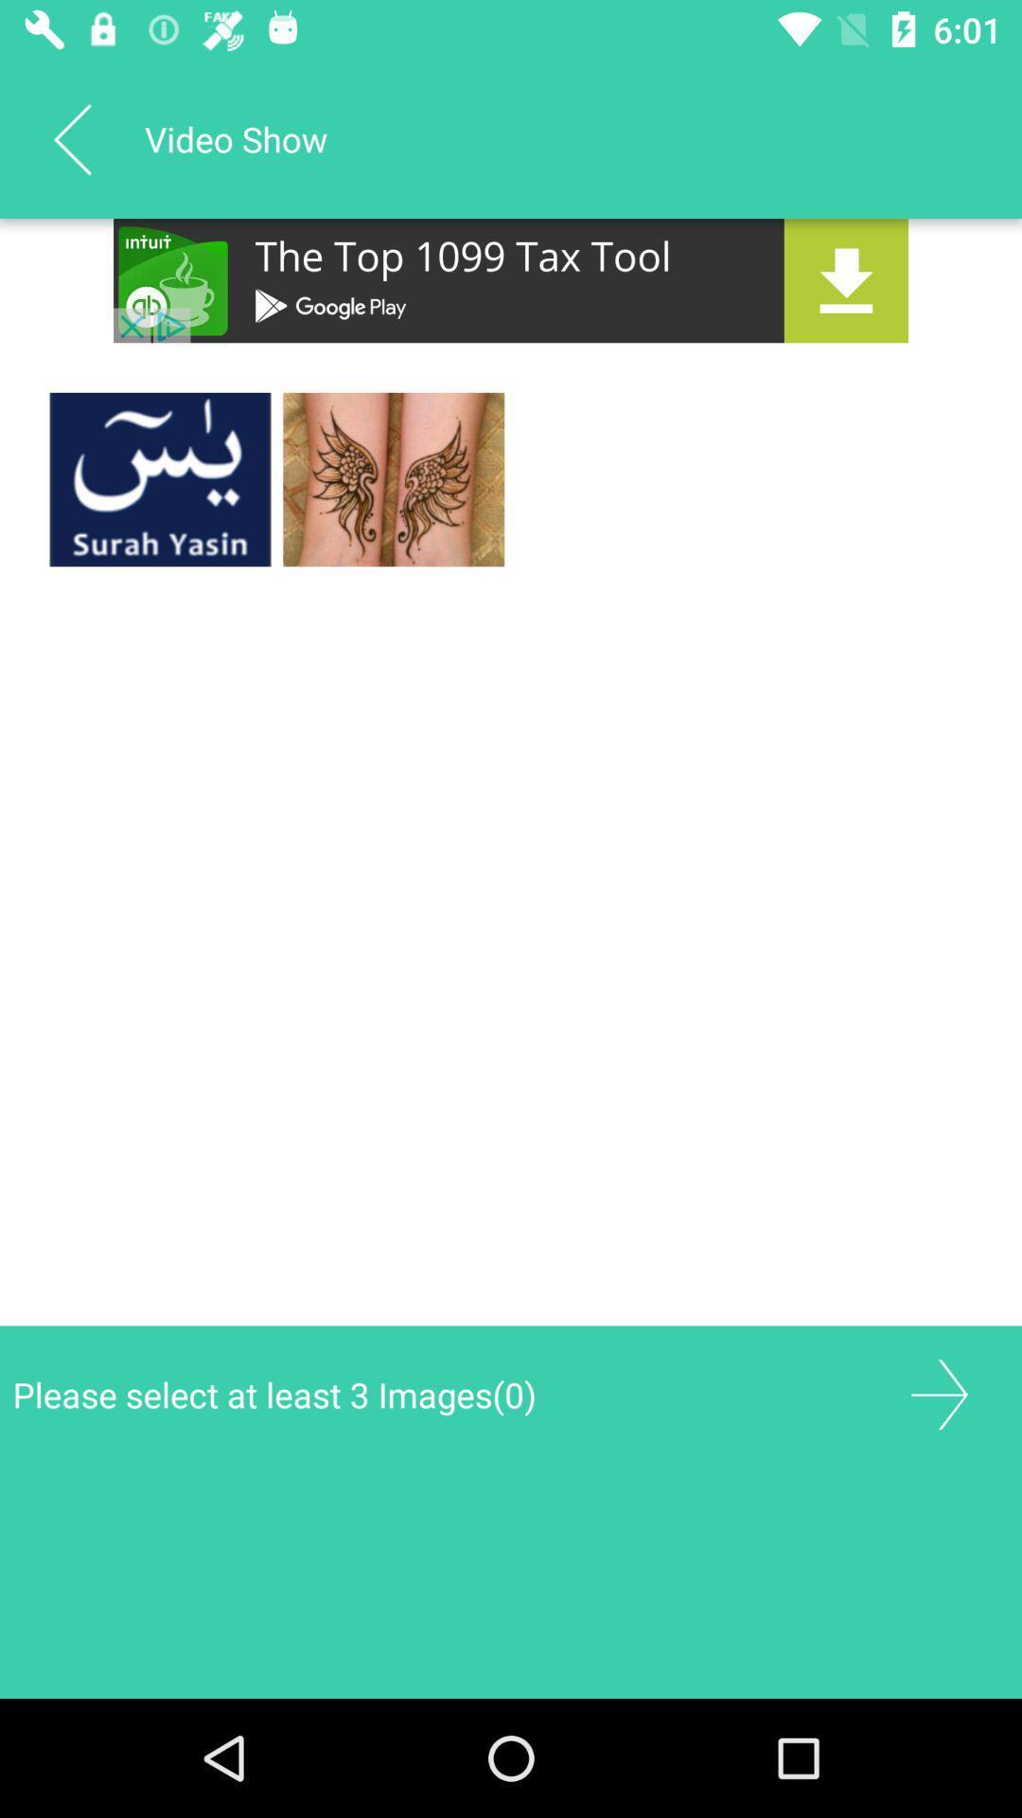  I want to click on app advertisement, so click(511, 279).